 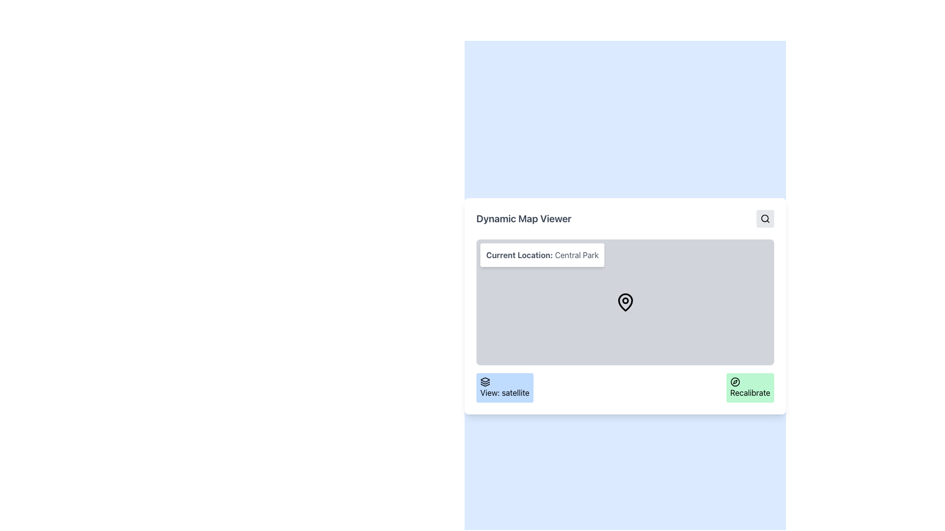 What do you see at coordinates (504, 387) in the screenshot?
I see `the satellite view button located at the bottom-left corner of the panel` at bounding box center [504, 387].